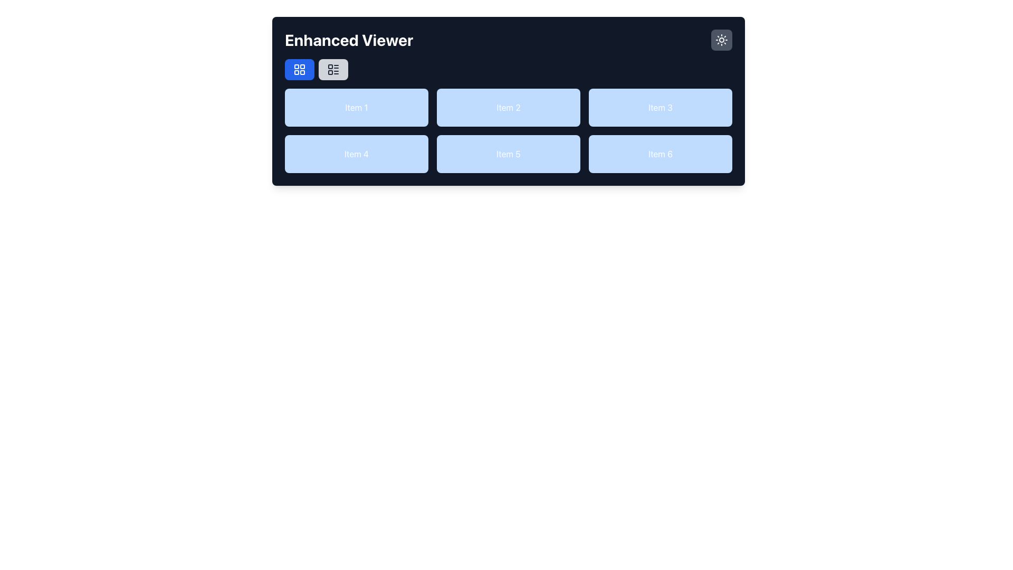 Image resolution: width=1013 pixels, height=570 pixels. Describe the element at coordinates (721, 40) in the screenshot. I see `the brightness/theme toggle button located in the top-right corner, next to 'Enhanced Viewer'` at that location.